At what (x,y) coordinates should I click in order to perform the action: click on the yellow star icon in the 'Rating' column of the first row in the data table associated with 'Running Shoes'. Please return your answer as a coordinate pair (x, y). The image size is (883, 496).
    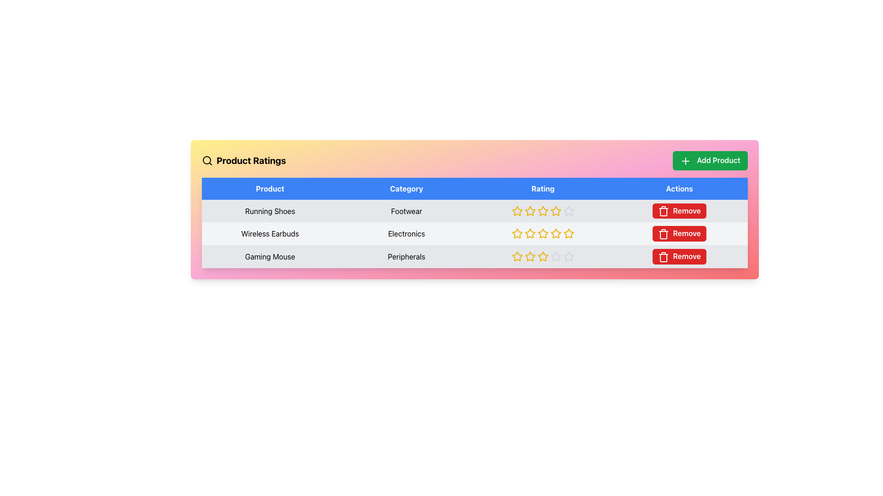
    Looking at the image, I should click on (517, 211).